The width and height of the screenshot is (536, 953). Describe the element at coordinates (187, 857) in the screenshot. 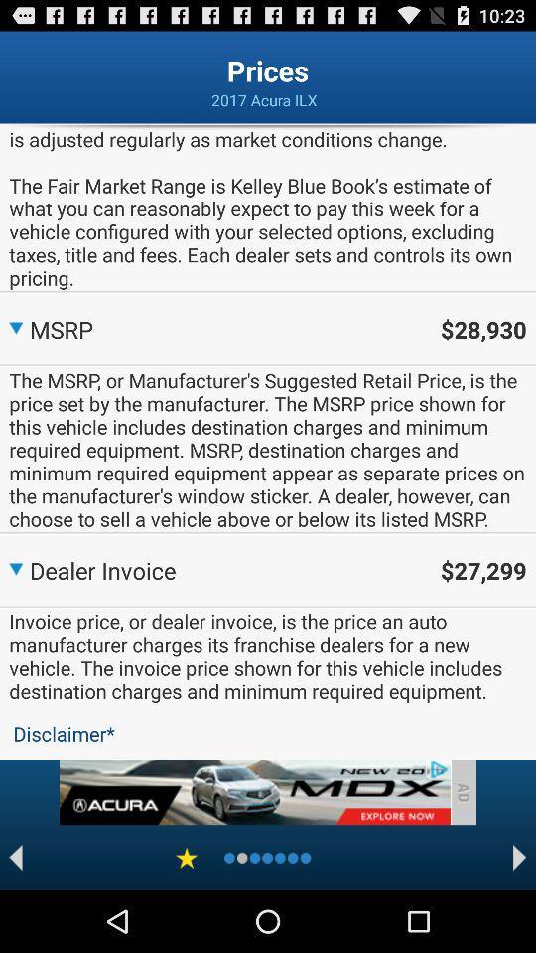

I see `star icon` at that location.